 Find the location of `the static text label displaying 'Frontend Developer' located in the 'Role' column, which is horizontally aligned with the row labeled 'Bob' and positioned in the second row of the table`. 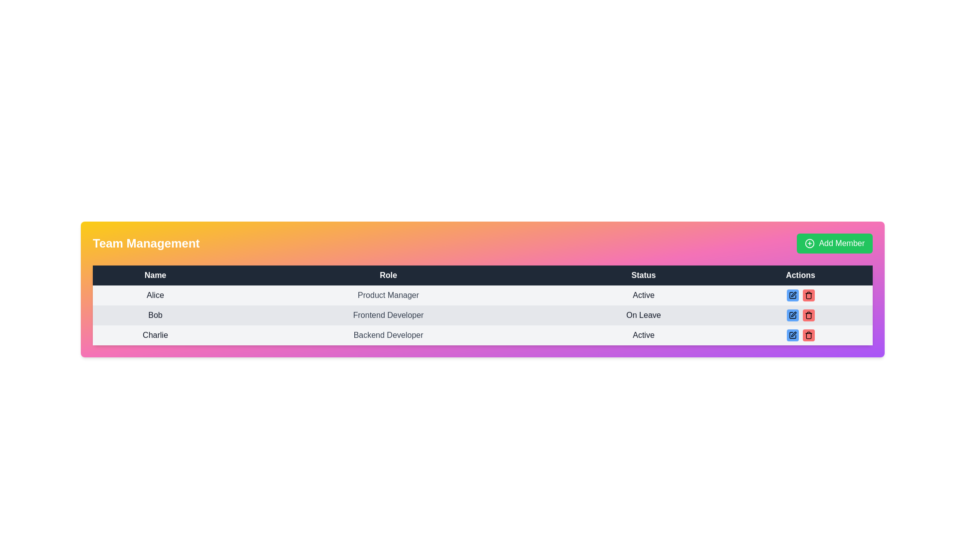

the static text label displaying 'Frontend Developer' located in the 'Role' column, which is horizontally aligned with the row labeled 'Bob' and positioned in the second row of the table is located at coordinates (388, 315).